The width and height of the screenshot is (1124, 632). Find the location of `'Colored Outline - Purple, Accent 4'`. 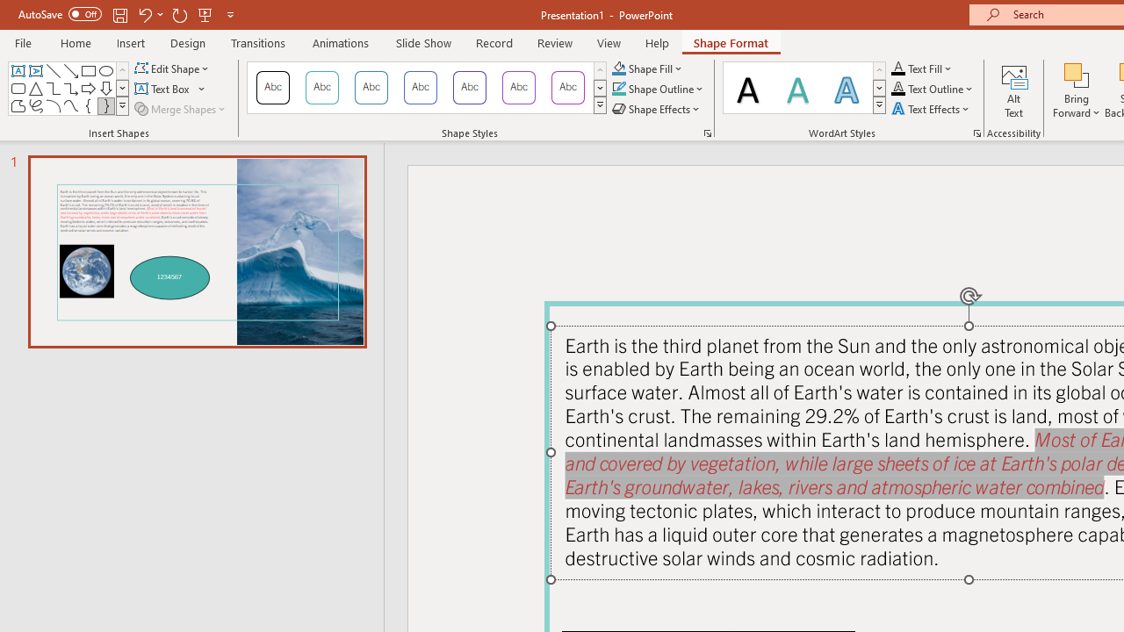

'Colored Outline - Purple, Accent 4' is located at coordinates (470, 88).